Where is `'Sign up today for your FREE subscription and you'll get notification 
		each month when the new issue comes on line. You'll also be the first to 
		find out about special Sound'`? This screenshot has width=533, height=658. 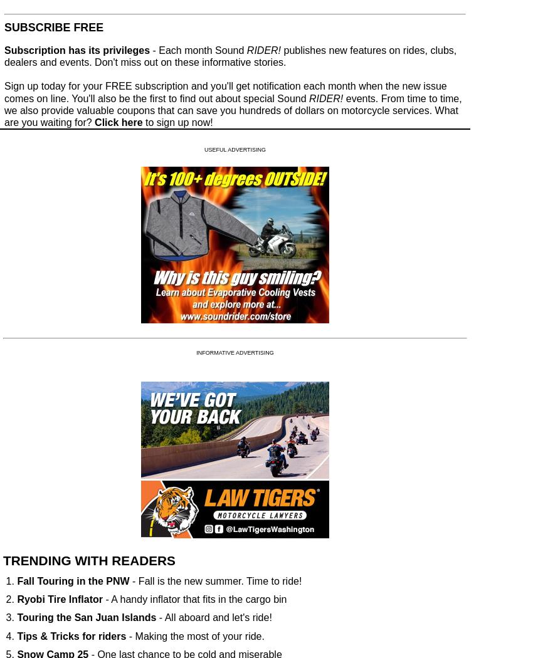 'Sign up today for your FREE subscription and you'll get notification 
		each month when the new issue comes on line. You'll also be the first to 
		find out about special Sound' is located at coordinates (224, 91).